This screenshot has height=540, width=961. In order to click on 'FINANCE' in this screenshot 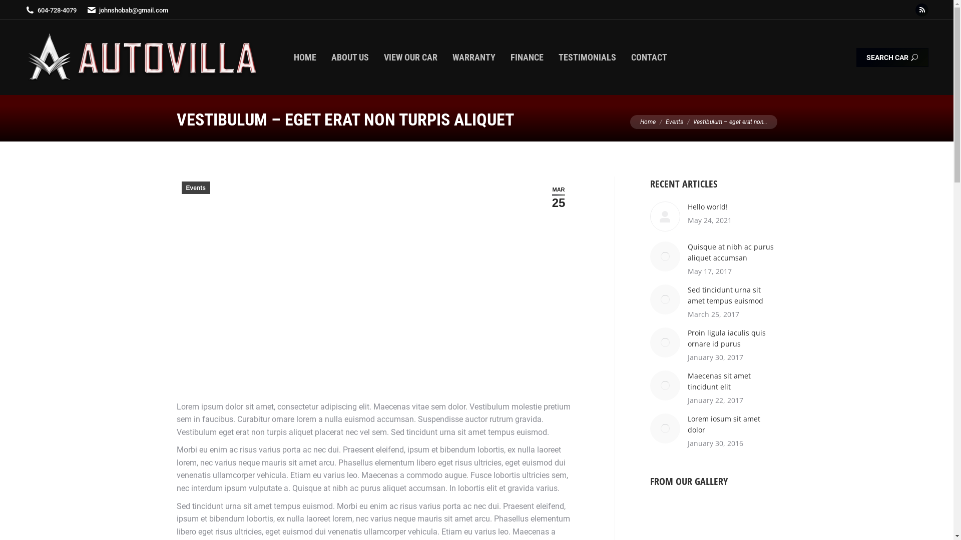, I will do `click(526, 57)`.